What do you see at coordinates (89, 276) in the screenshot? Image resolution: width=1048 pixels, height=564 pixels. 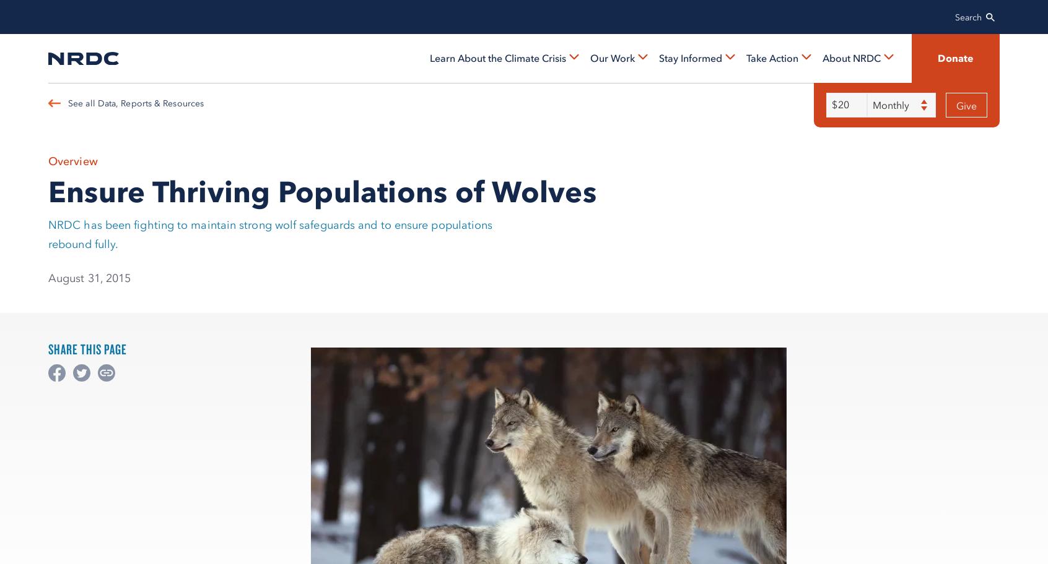 I see `'August 31, 2015'` at bounding box center [89, 276].